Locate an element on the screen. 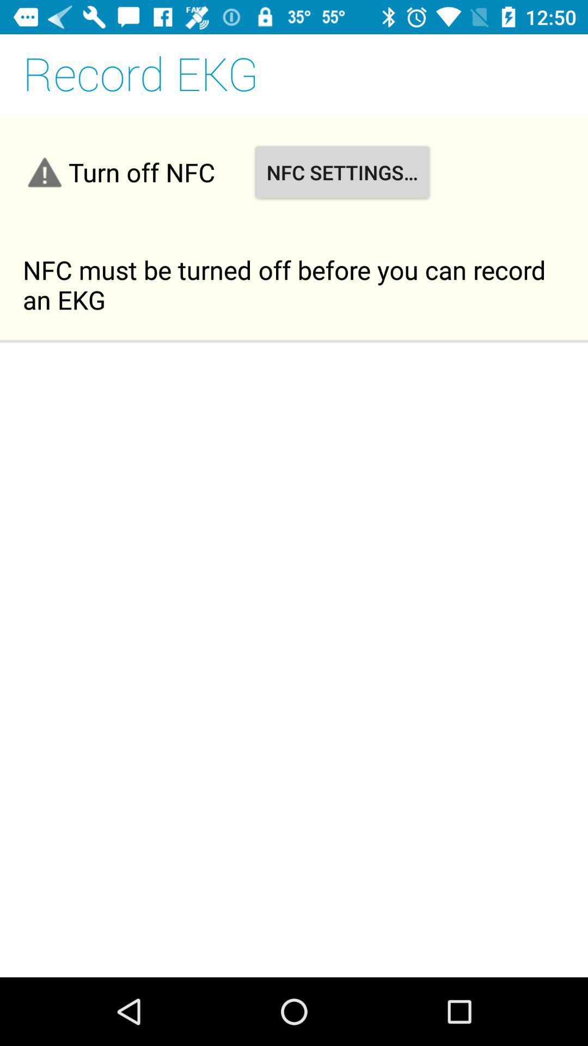 The height and width of the screenshot is (1046, 588). the icon below the record ekg icon is located at coordinates (341, 172).